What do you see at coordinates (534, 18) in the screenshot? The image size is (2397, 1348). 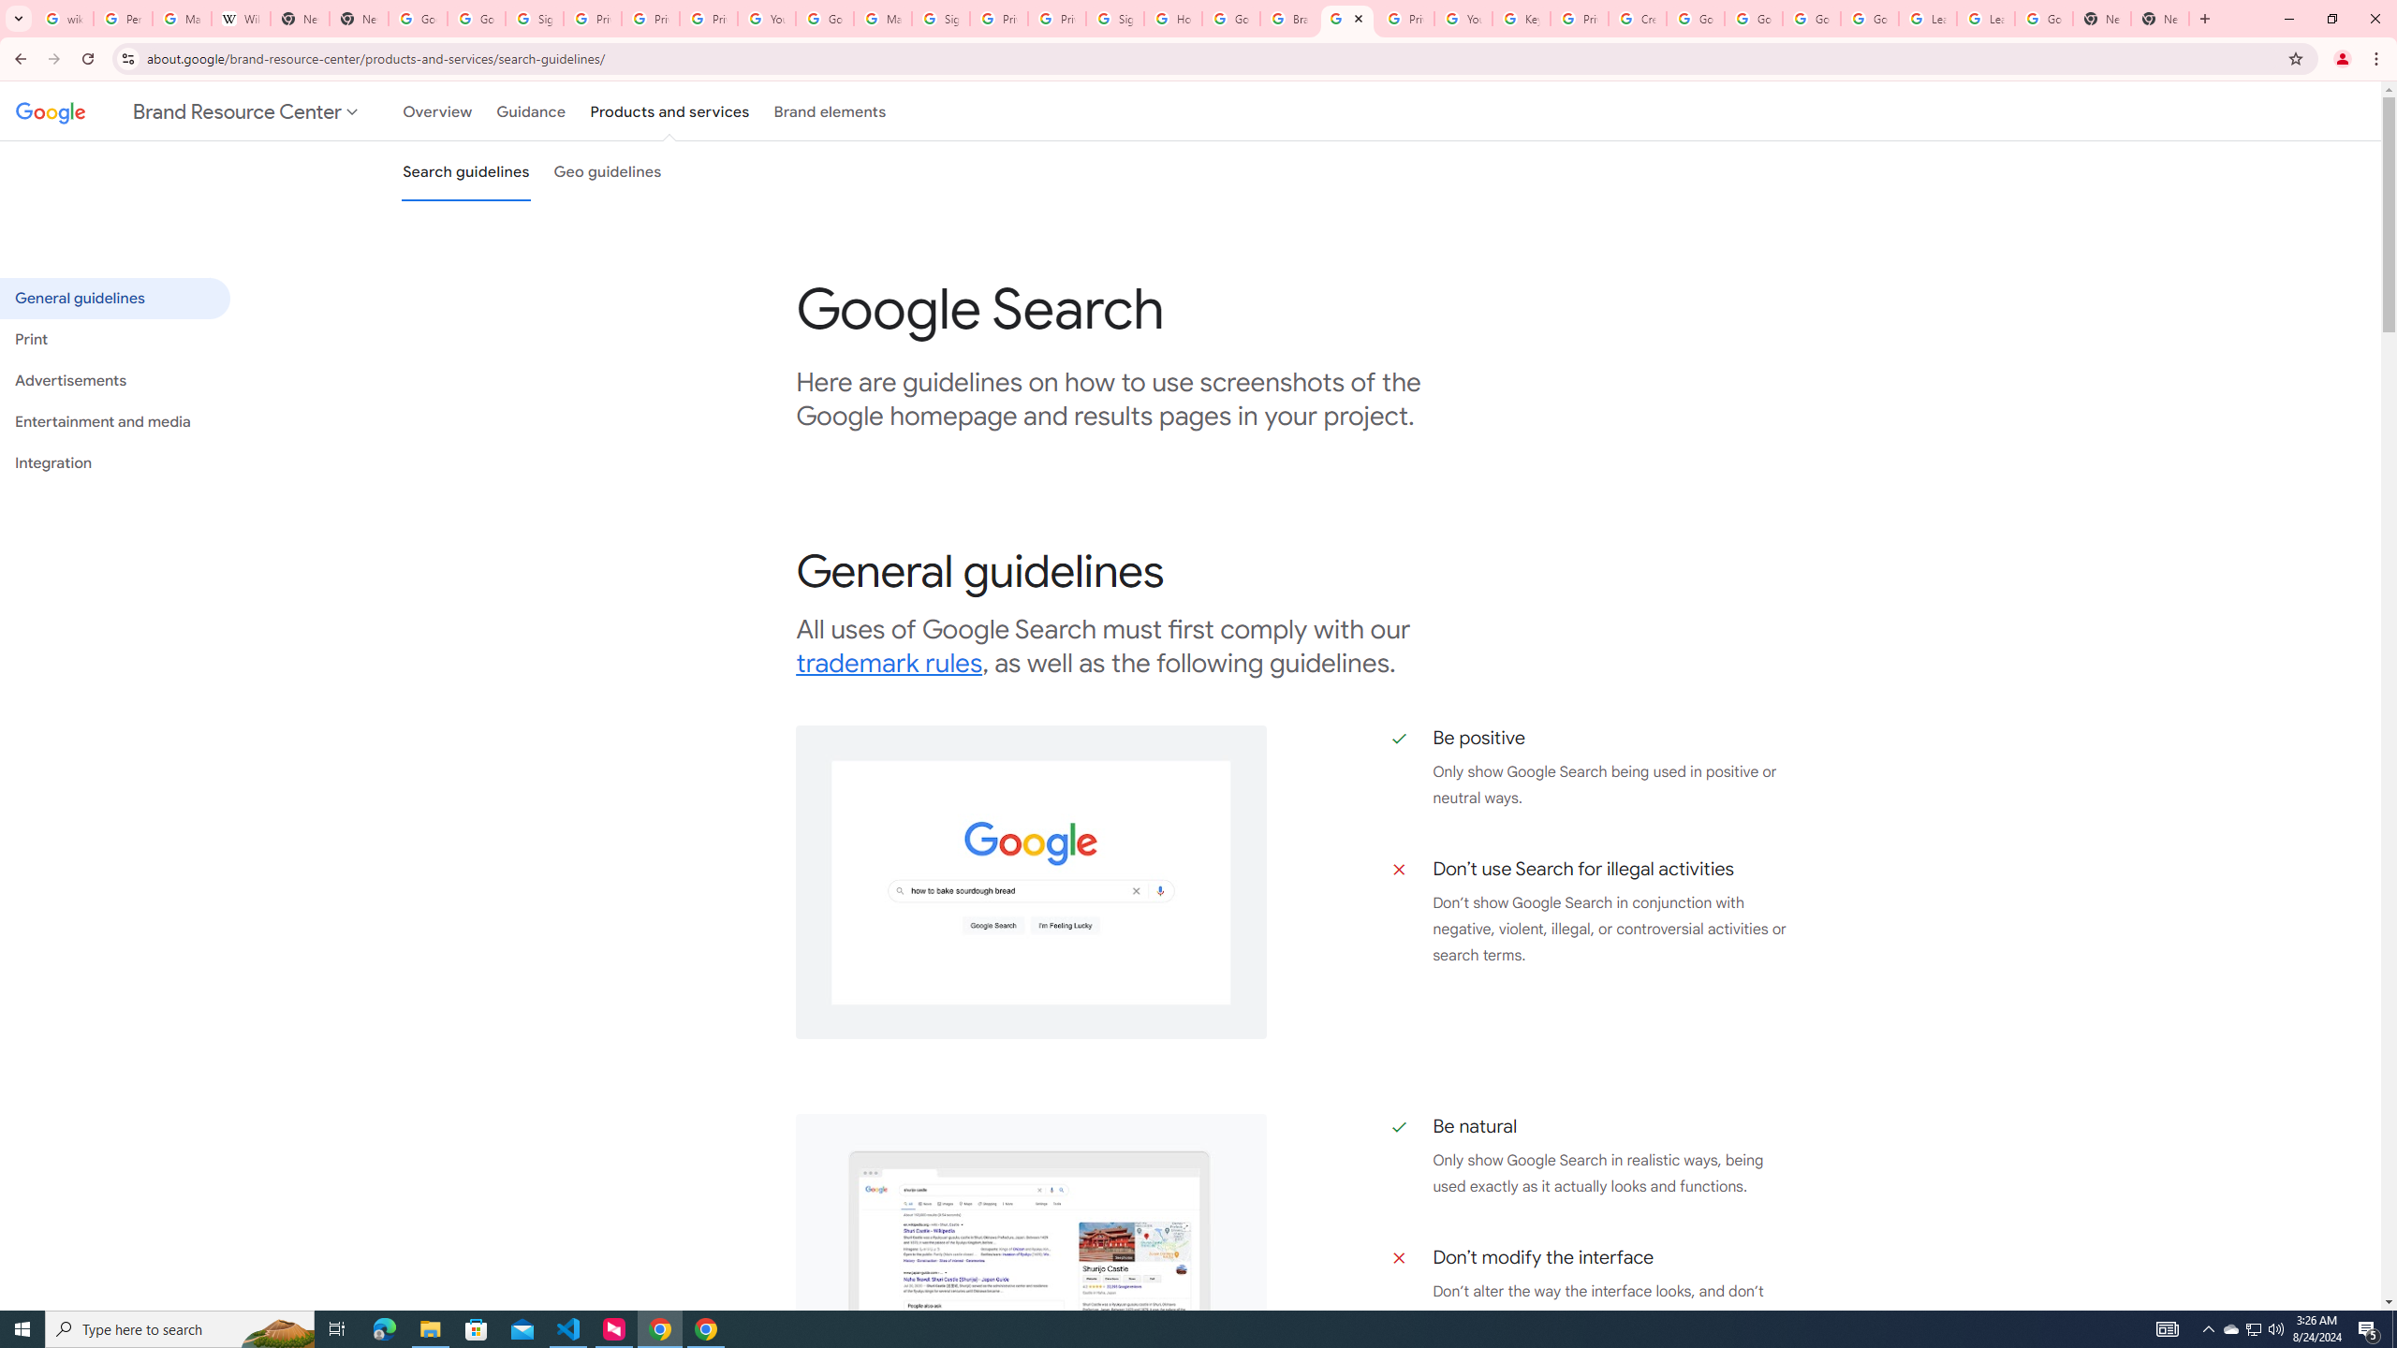 I see `'Sign in - Google Accounts'` at bounding box center [534, 18].